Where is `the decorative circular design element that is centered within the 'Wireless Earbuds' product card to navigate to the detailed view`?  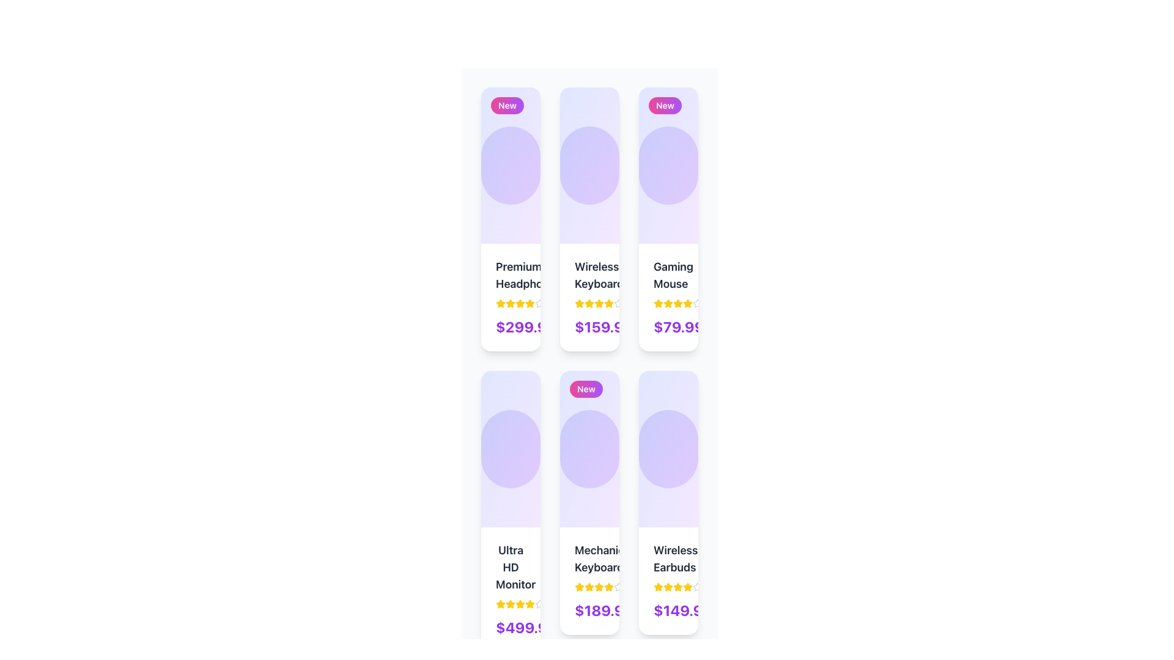 the decorative circular design element that is centered within the 'Wireless Earbuds' product card to navigate to the detailed view is located at coordinates (668, 449).